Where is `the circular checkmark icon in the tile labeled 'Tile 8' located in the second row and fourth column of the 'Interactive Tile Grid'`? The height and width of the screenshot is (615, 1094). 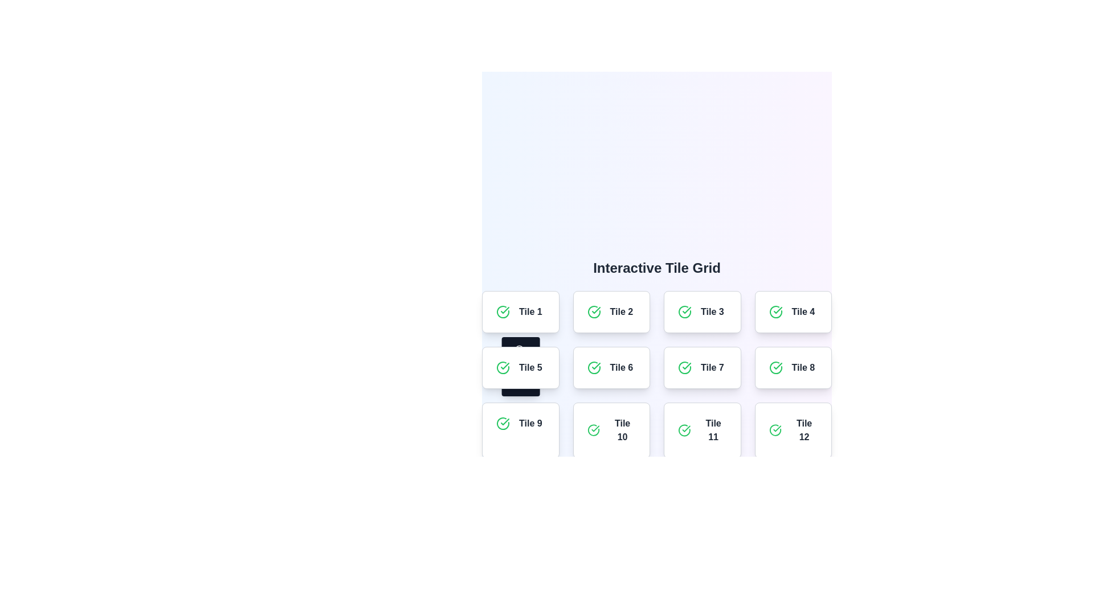
the circular checkmark icon in the tile labeled 'Tile 8' located in the second row and fourth column of the 'Interactive Tile Grid' is located at coordinates (775, 367).